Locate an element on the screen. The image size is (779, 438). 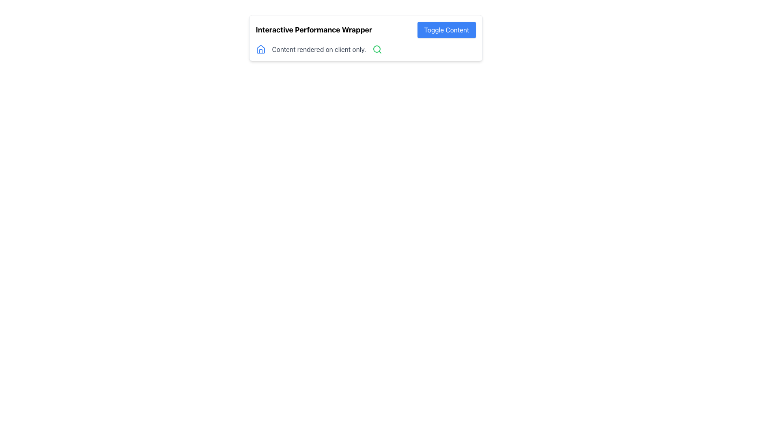
the blue stroke minimalist house icon located to the left of the 'Content rendered on client only.' text is located at coordinates (260, 49).